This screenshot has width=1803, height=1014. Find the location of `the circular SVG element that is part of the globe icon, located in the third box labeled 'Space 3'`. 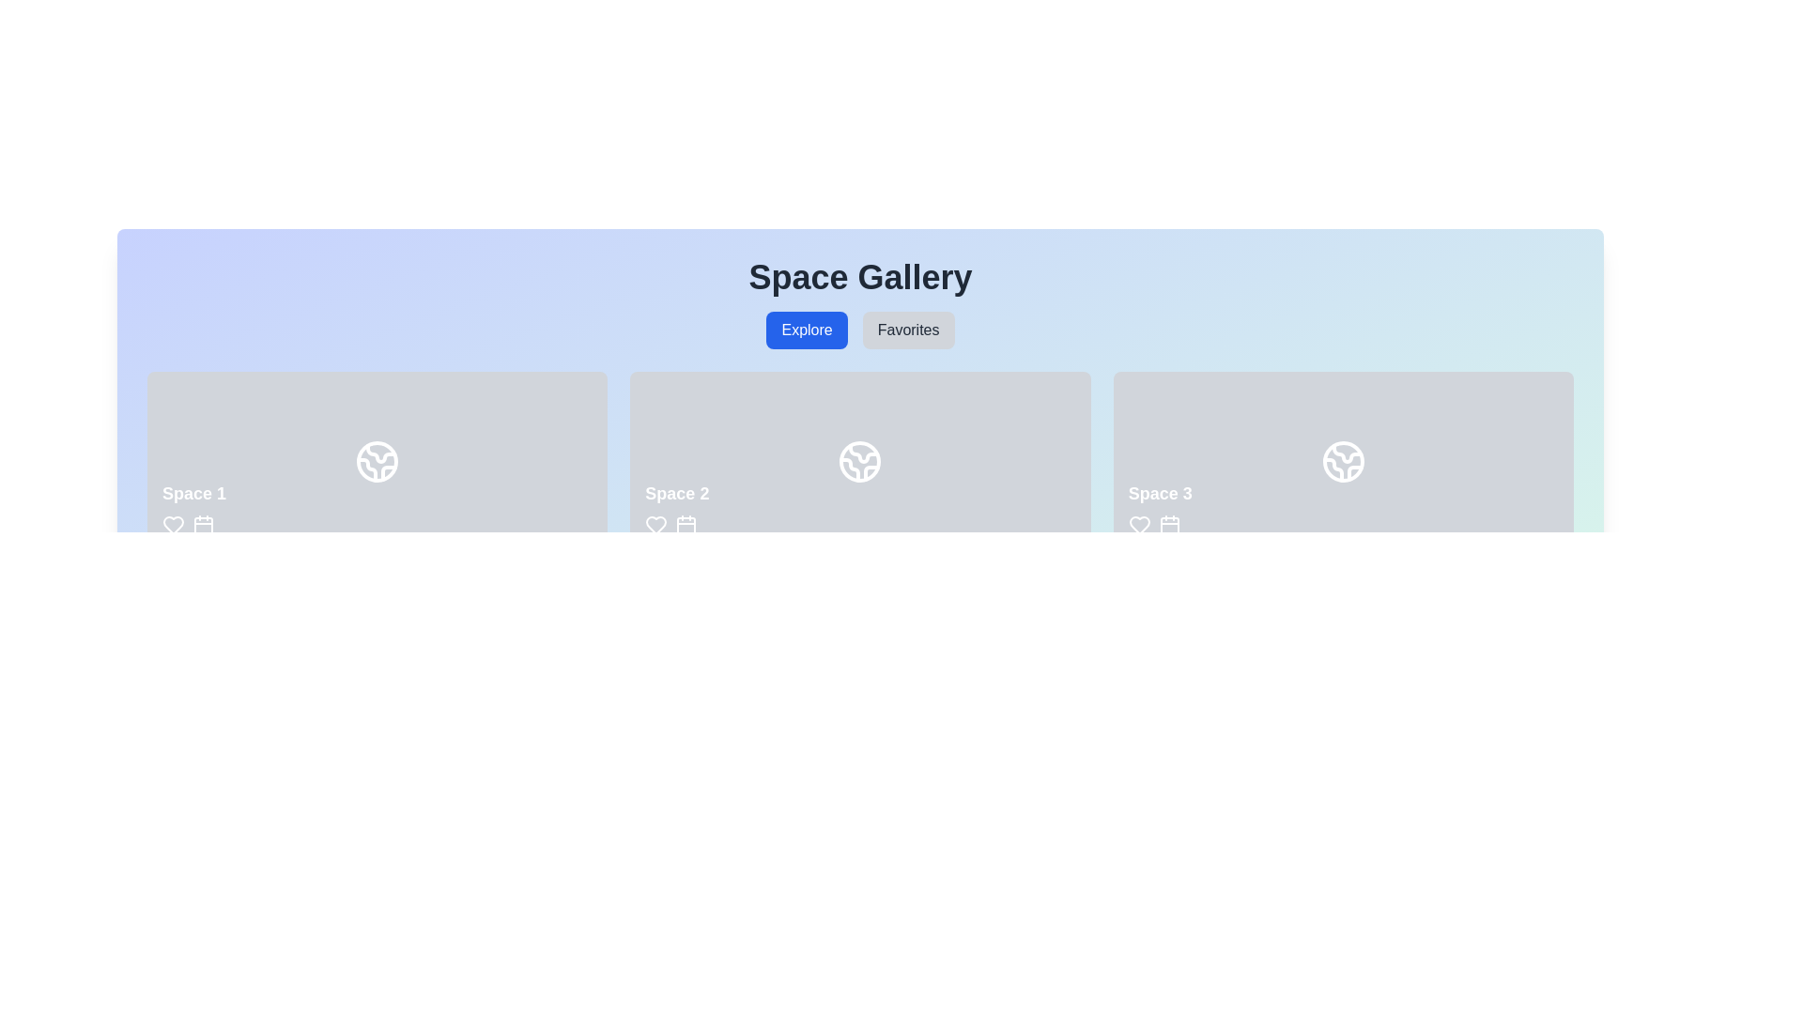

the circular SVG element that is part of the globe icon, located in the third box labeled 'Space 3' is located at coordinates (1342, 462).